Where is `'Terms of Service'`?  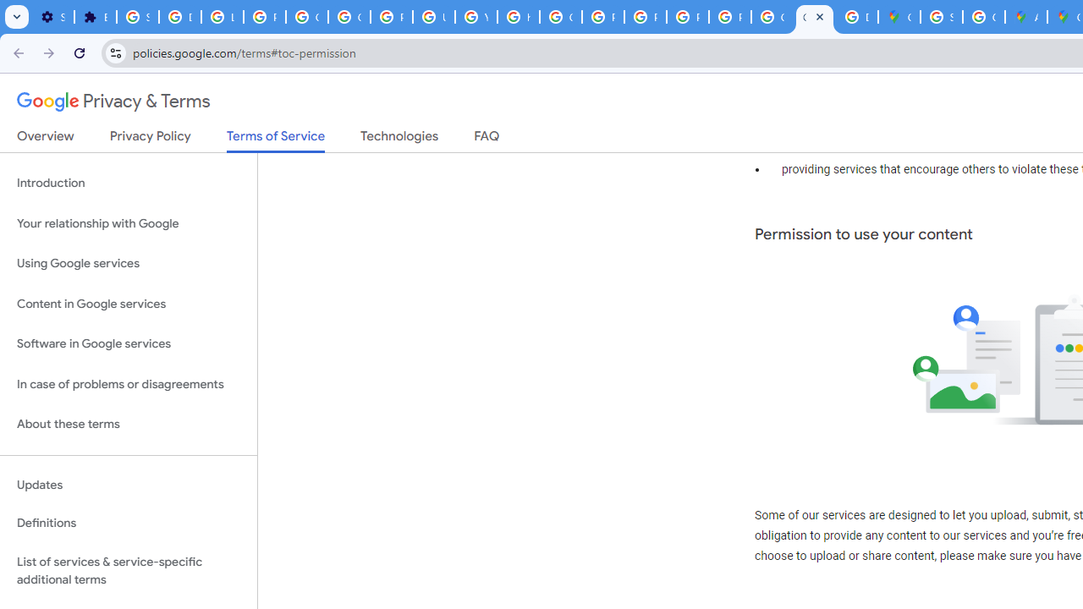 'Terms of Service' is located at coordinates (276, 140).